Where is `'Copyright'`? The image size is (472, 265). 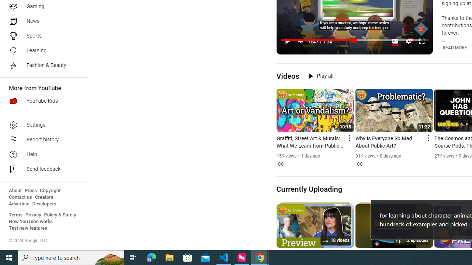
'Copyright' is located at coordinates (50, 190).